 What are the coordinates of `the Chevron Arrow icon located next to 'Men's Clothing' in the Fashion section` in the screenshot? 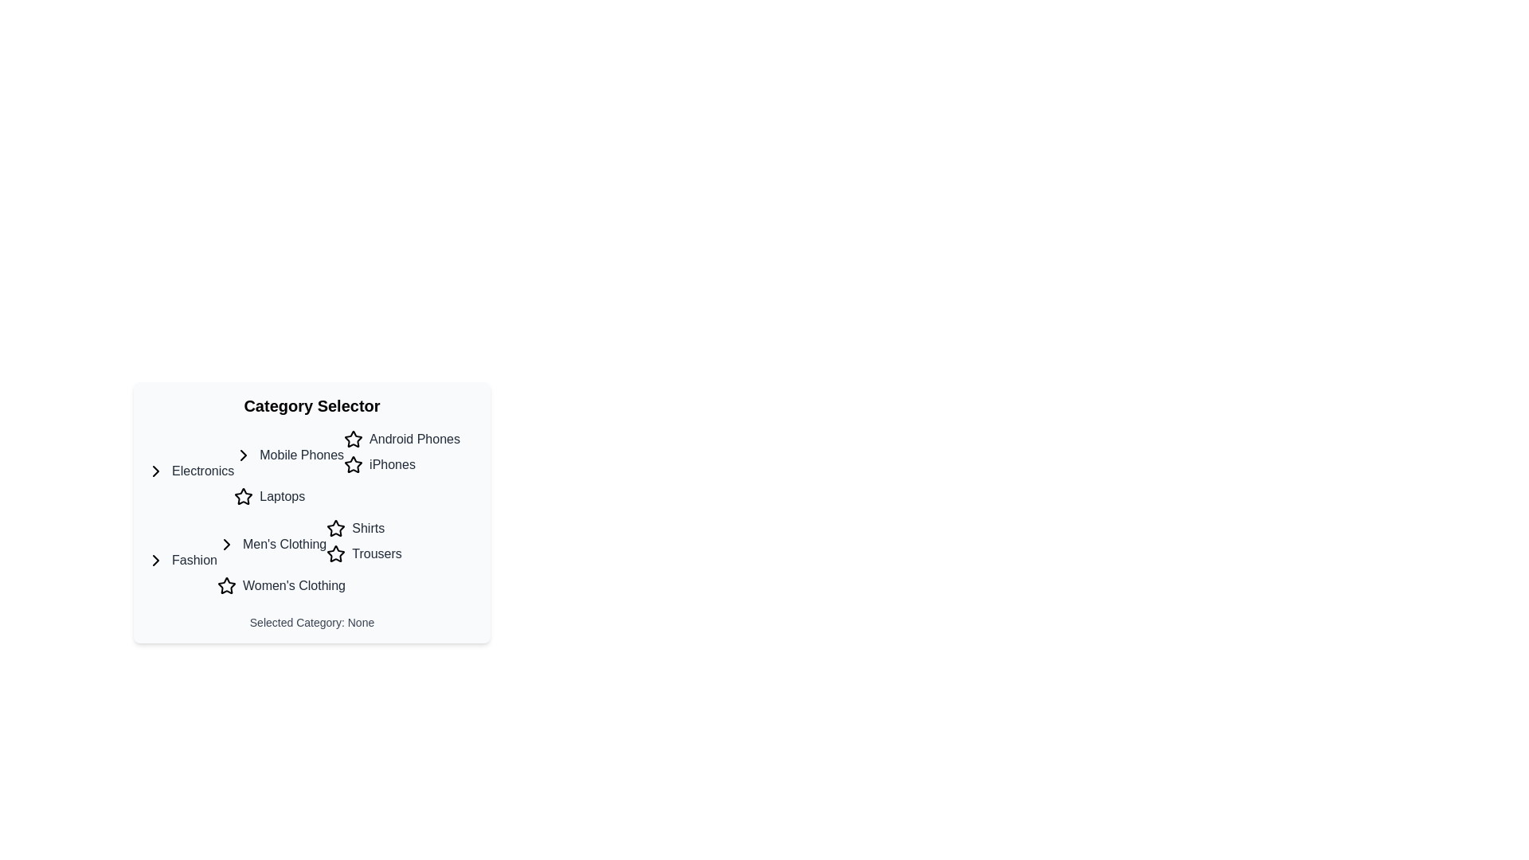 It's located at (225, 543).